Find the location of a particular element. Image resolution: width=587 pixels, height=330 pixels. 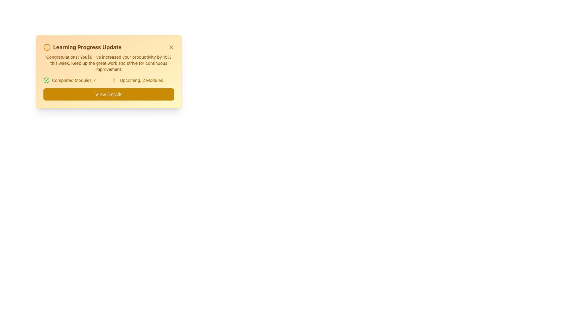

the heading text in the top-left corner of the notification box to check for a tooltip is located at coordinates (82, 47).